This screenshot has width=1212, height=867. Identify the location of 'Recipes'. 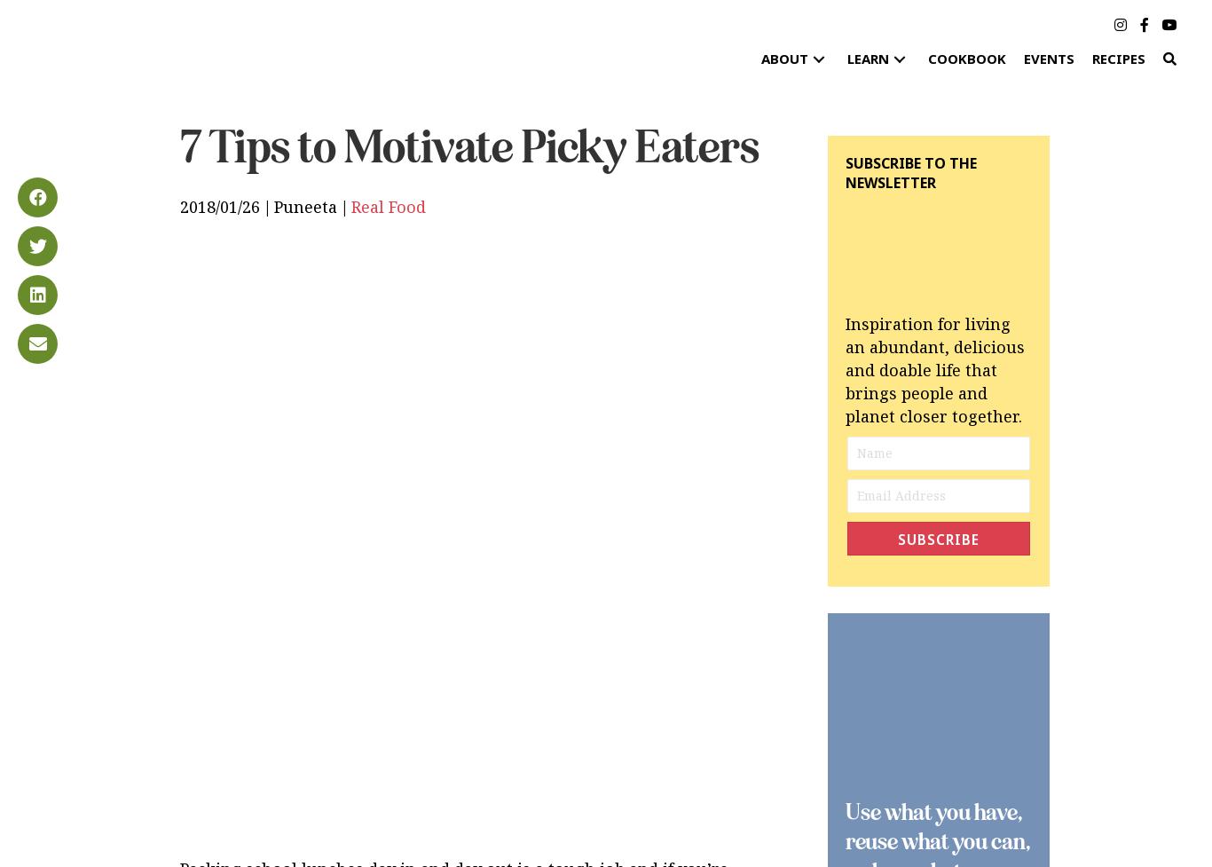
(1117, 59).